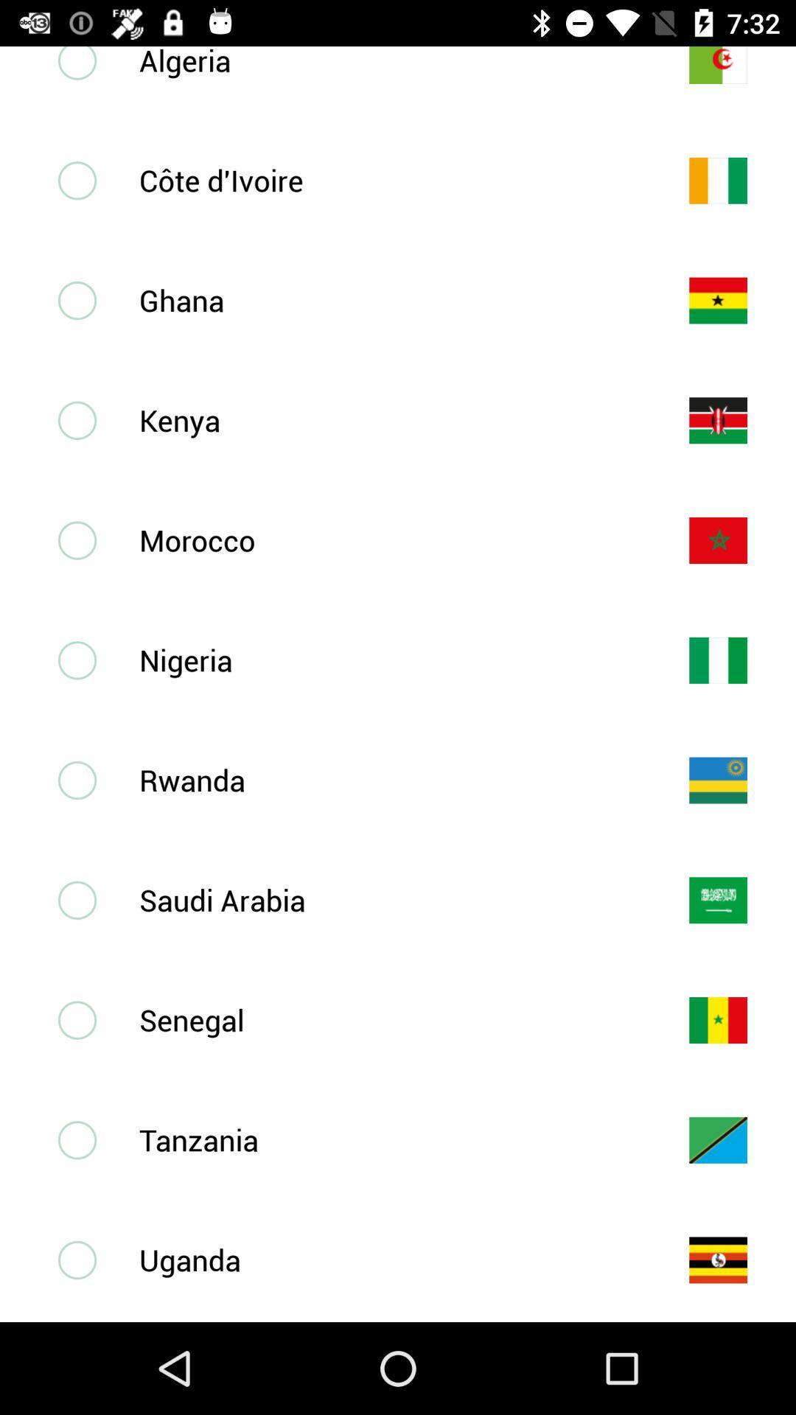  Describe the element at coordinates (389, 899) in the screenshot. I see `saudi arabia item` at that location.